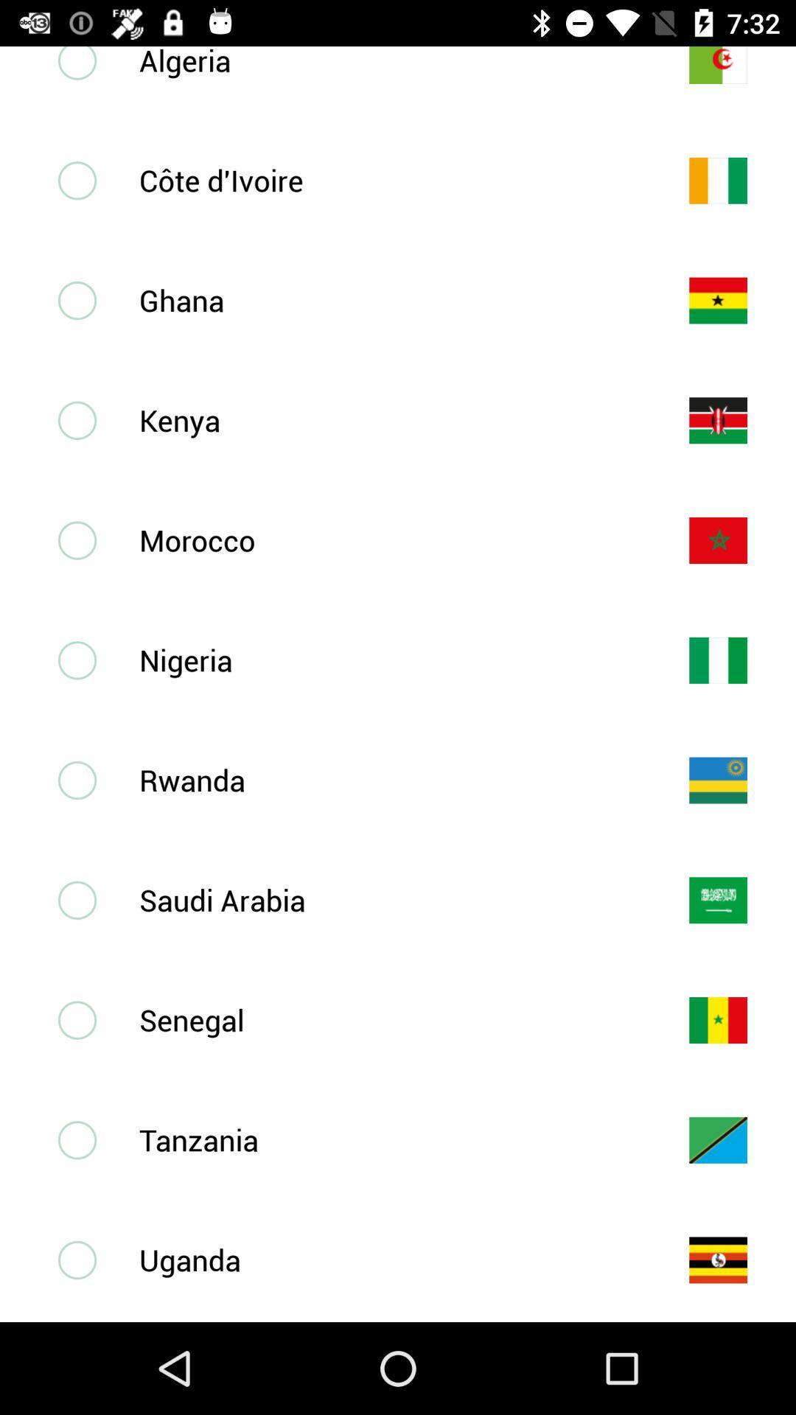  Describe the element at coordinates (389, 899) in the screenshot. I see `saudi arabia item` at that location.